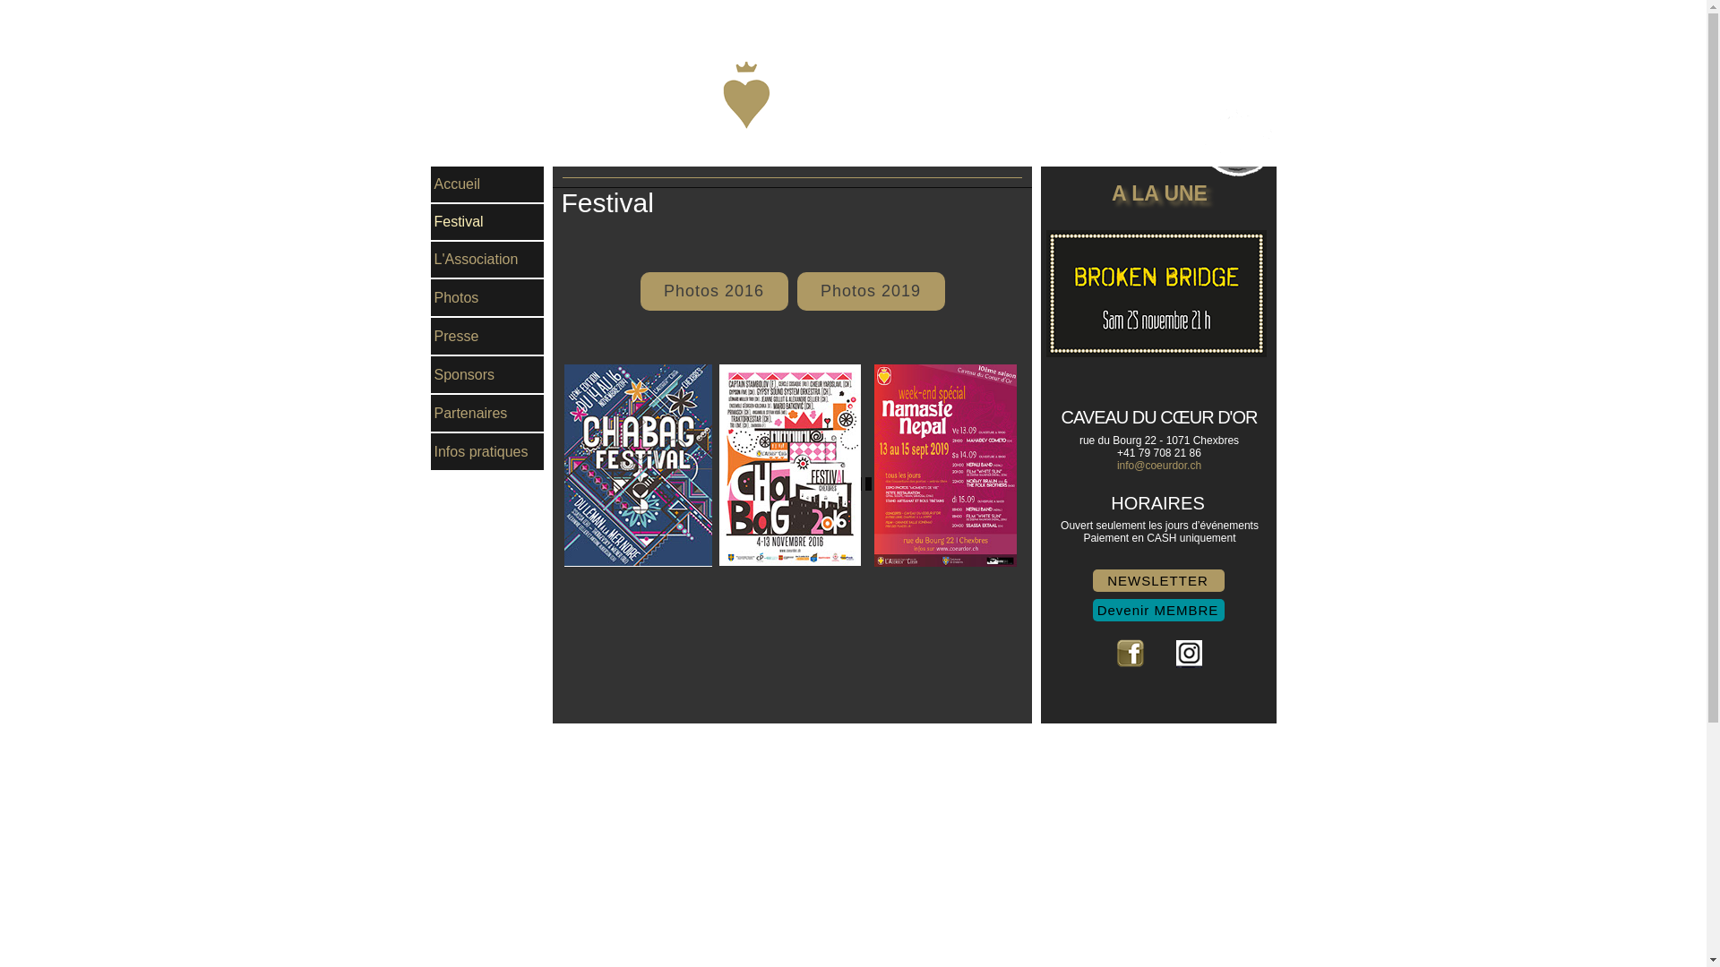 The height and width of the screenshot is (967, 1720). Describe the element at coordinates (486, 184) in the screenshot. I see `'Accueil'` at that location.